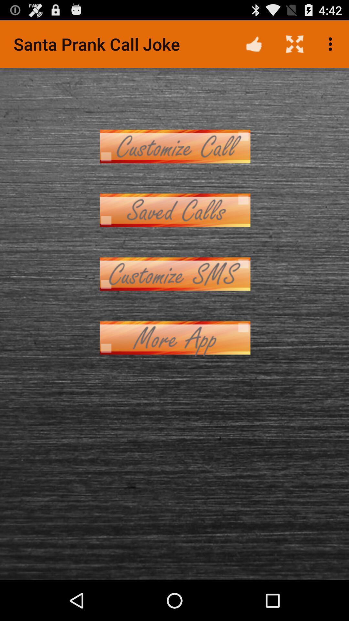 This screenshot has width=349, height=621. What do you see at coordinates (174, 337) in the screenshot?
I see `find more apps` at bounding box center [174, 337].